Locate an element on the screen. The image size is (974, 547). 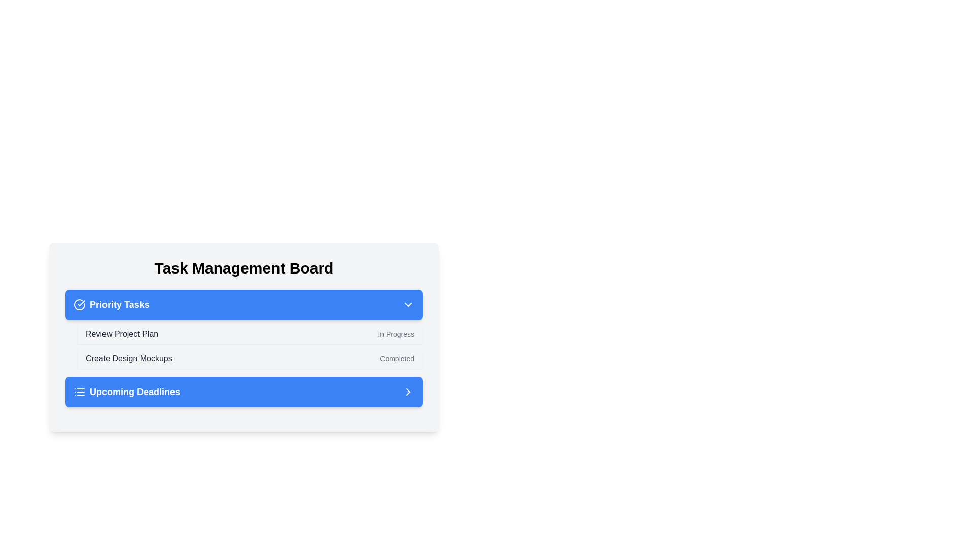
the right-pointing chevron arrow icon, which is white on a blue background, located on the far right side of the 'Upcoming Deadlines' bar in the 'Task Management Board' interface is located at coordinates (408, 392).